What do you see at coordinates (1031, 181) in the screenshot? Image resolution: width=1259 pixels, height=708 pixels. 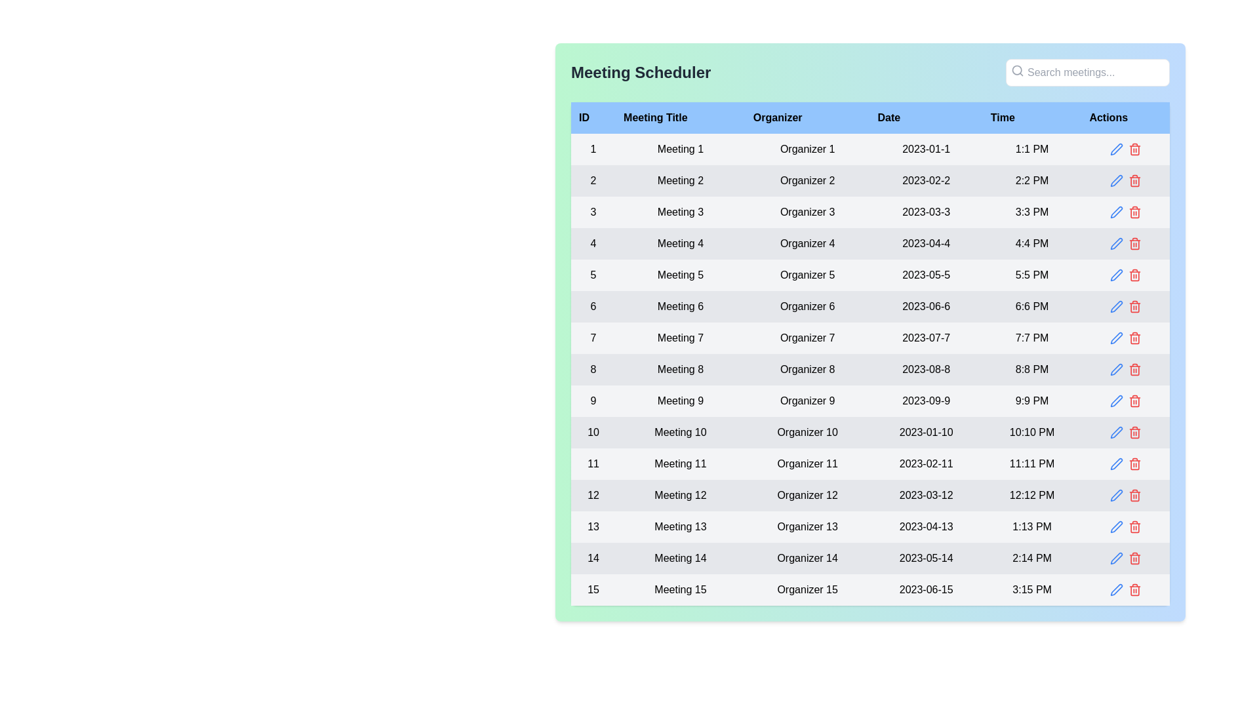 I see `the text label displaying the time '2:2 PM' in the fifth column of the second row of the table aligned with the 'Time' header` at bounding box center [1031, 181].